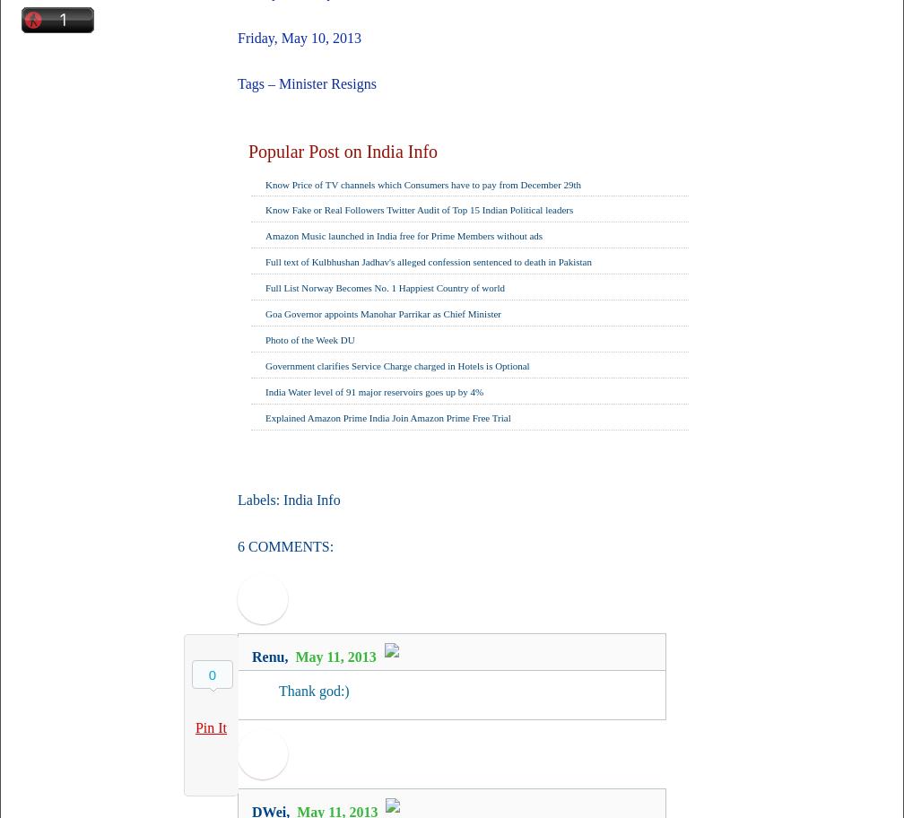 The image size is (904, 818). Describe the element at coordinates (309, 338) in the screenshot. I see `'Photo of the Week DU'` at that location.